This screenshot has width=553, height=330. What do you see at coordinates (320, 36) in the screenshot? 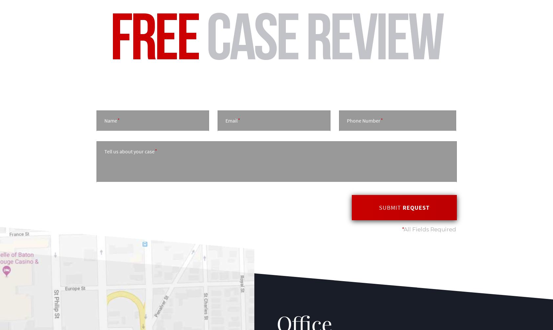
I see `'case Review'` at bounding box center [320, 36].